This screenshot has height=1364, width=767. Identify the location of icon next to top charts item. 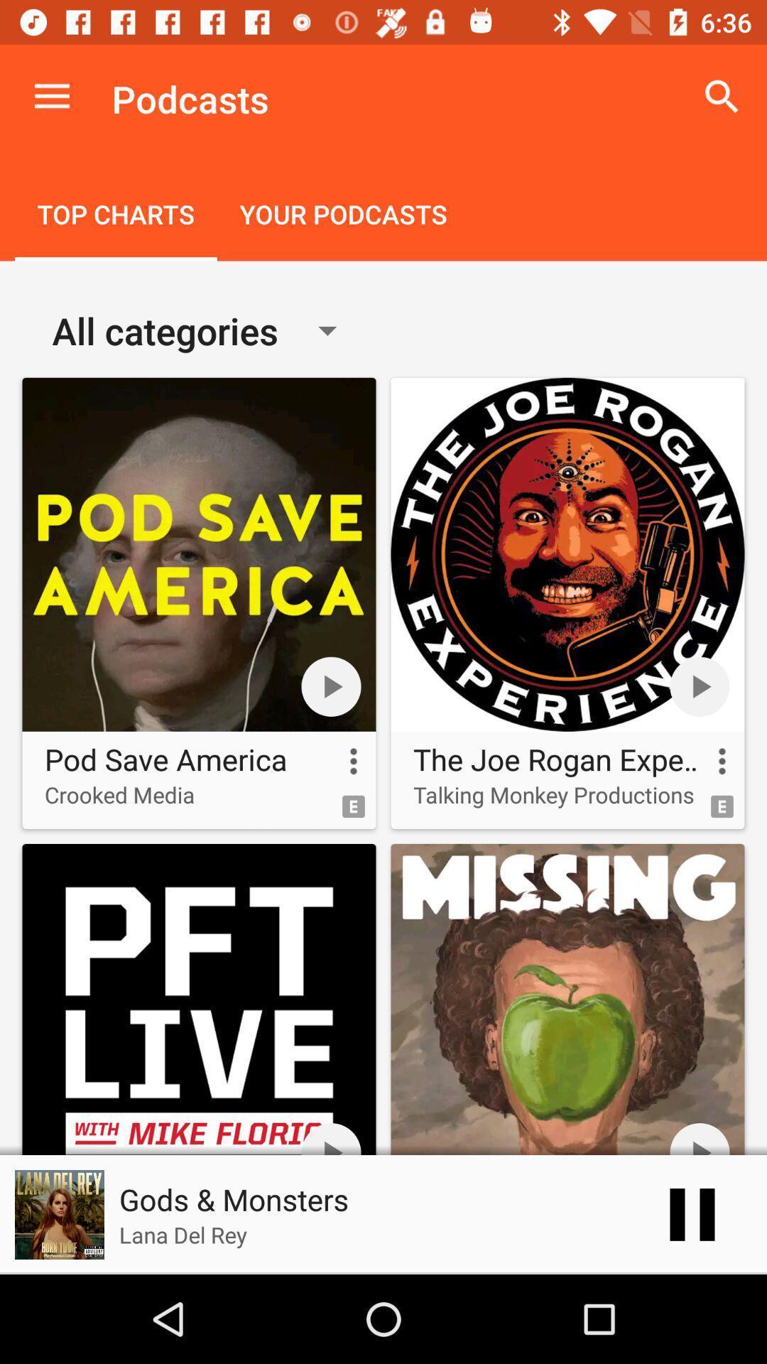
(343, 215).